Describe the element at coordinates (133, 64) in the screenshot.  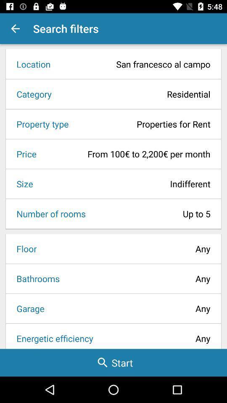
I see `the icon above the category` at that location.